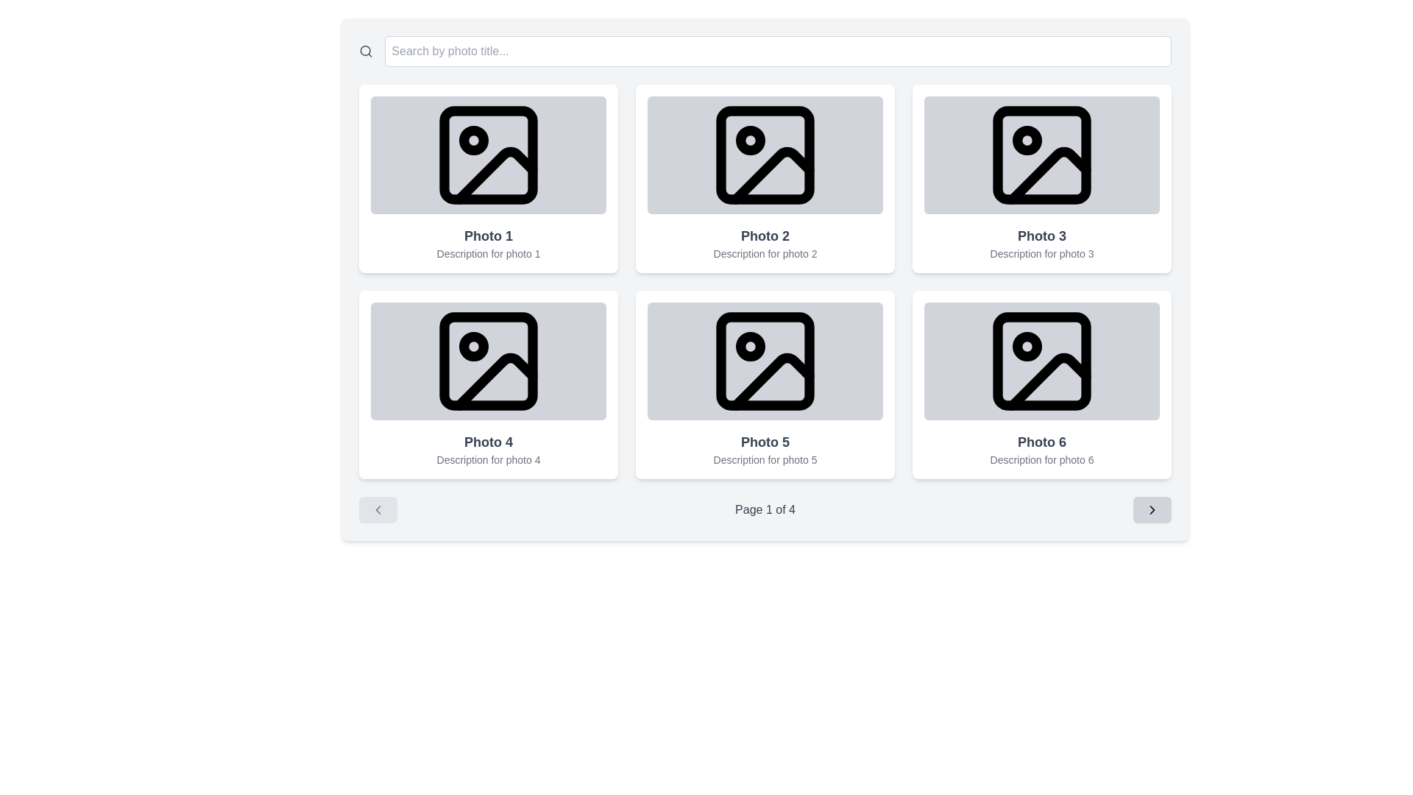 This screenshot has width=1413, height=795. What do you see at coordinates (750, 141) in the screenshot?
I see `the small circular decorative element located in the top-left corner of the second photo placeholder icon in the grid layout` at bounding box center [750, 141].